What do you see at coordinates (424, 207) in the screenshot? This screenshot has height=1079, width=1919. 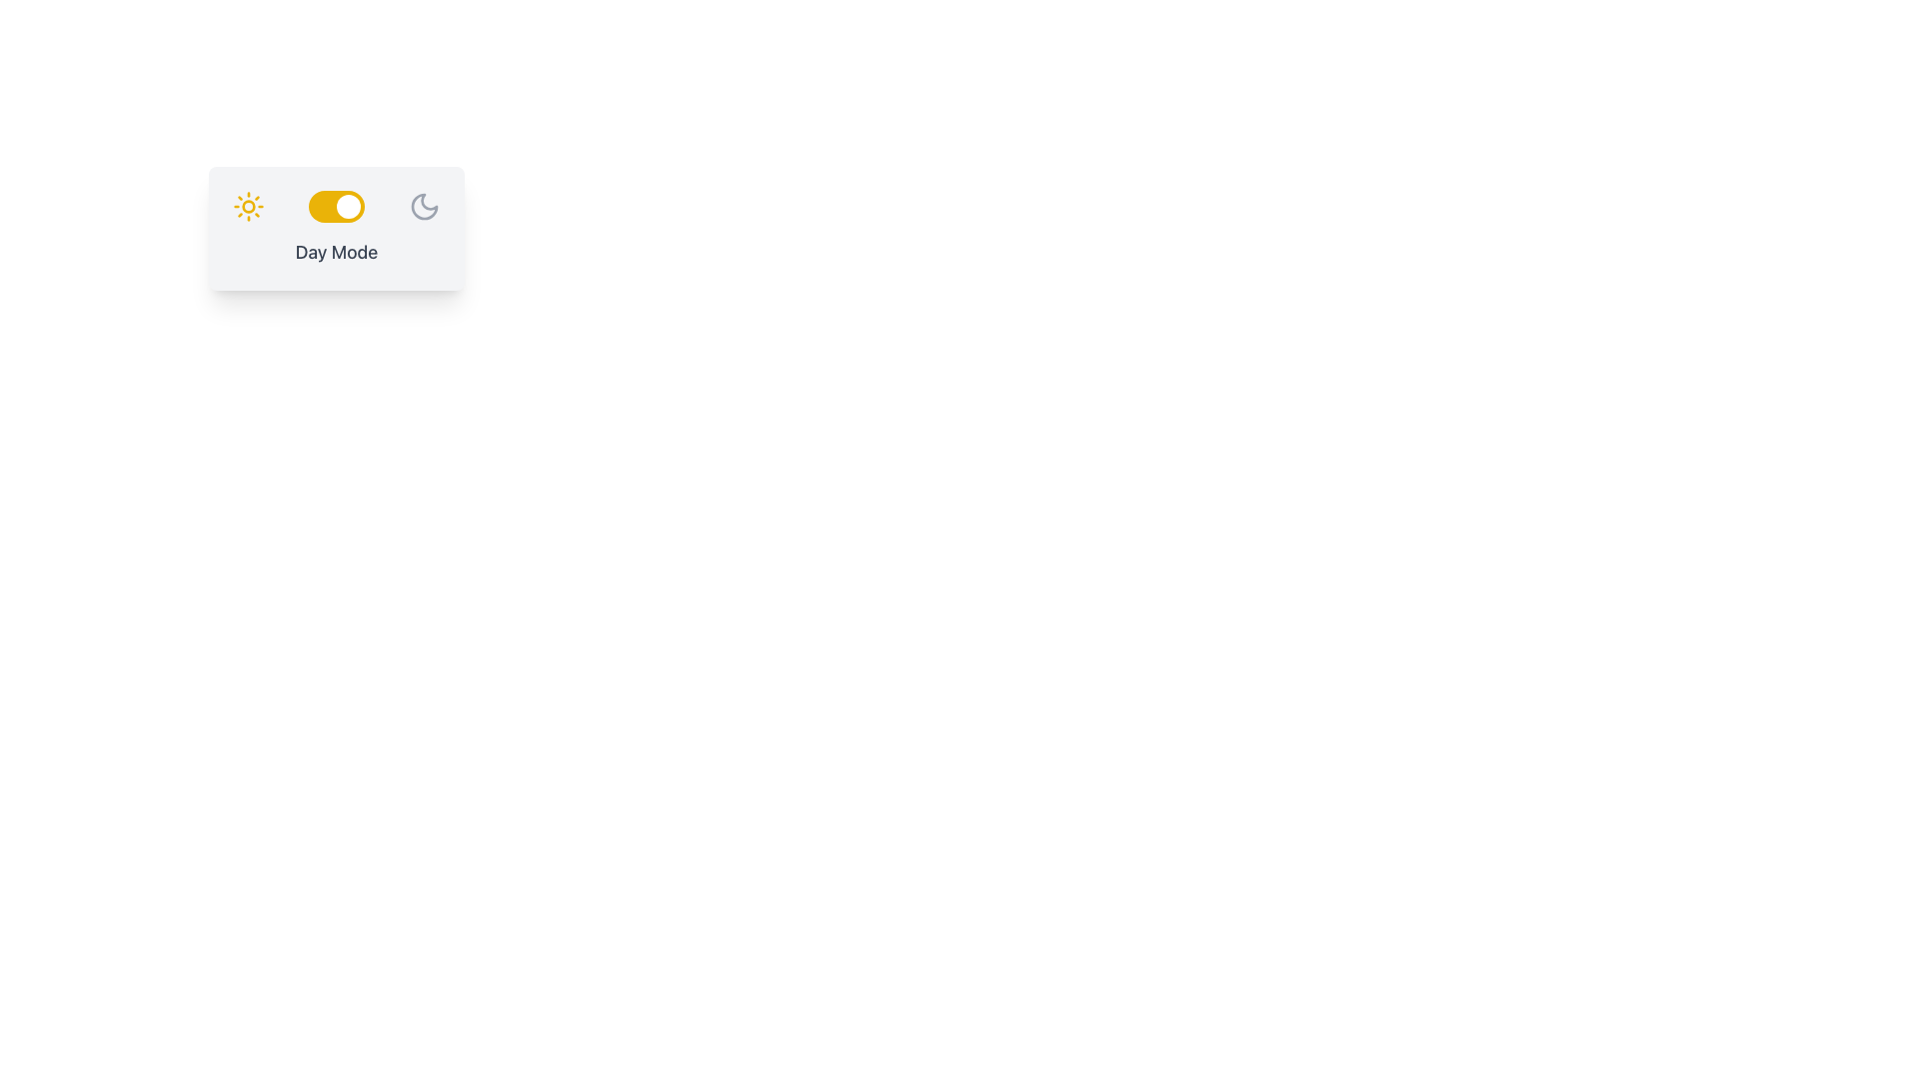 I see `the nighttime icon located on the far right of a horizontally aligned group of three elements, which includes a sun icon on the left and a toggle switch in the middle` at bounding box center [424, 207].